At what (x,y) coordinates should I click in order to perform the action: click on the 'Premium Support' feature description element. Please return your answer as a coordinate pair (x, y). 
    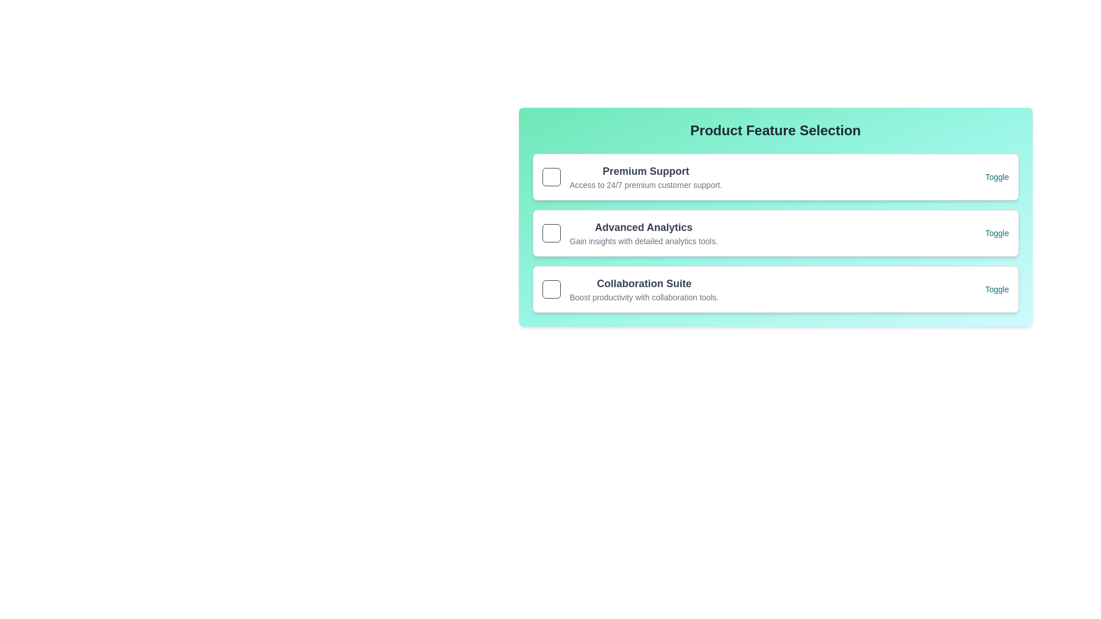
    Looking at the image, I should click on (646, 177).